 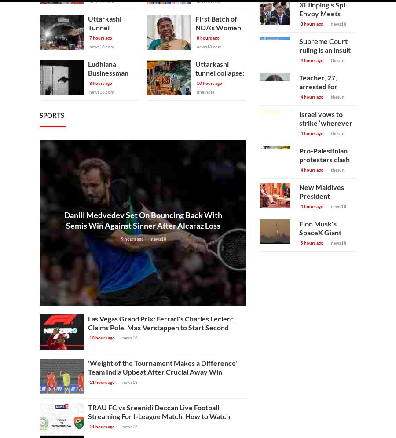 What do you see at coordinates (325, 149) in the screenshot?
I see `'Israel vows to strike ‘wherever Hamas exists’ as tanks and troops storm two new terror strongholds as hospital evacuated'` at bounding box center [325, 149].